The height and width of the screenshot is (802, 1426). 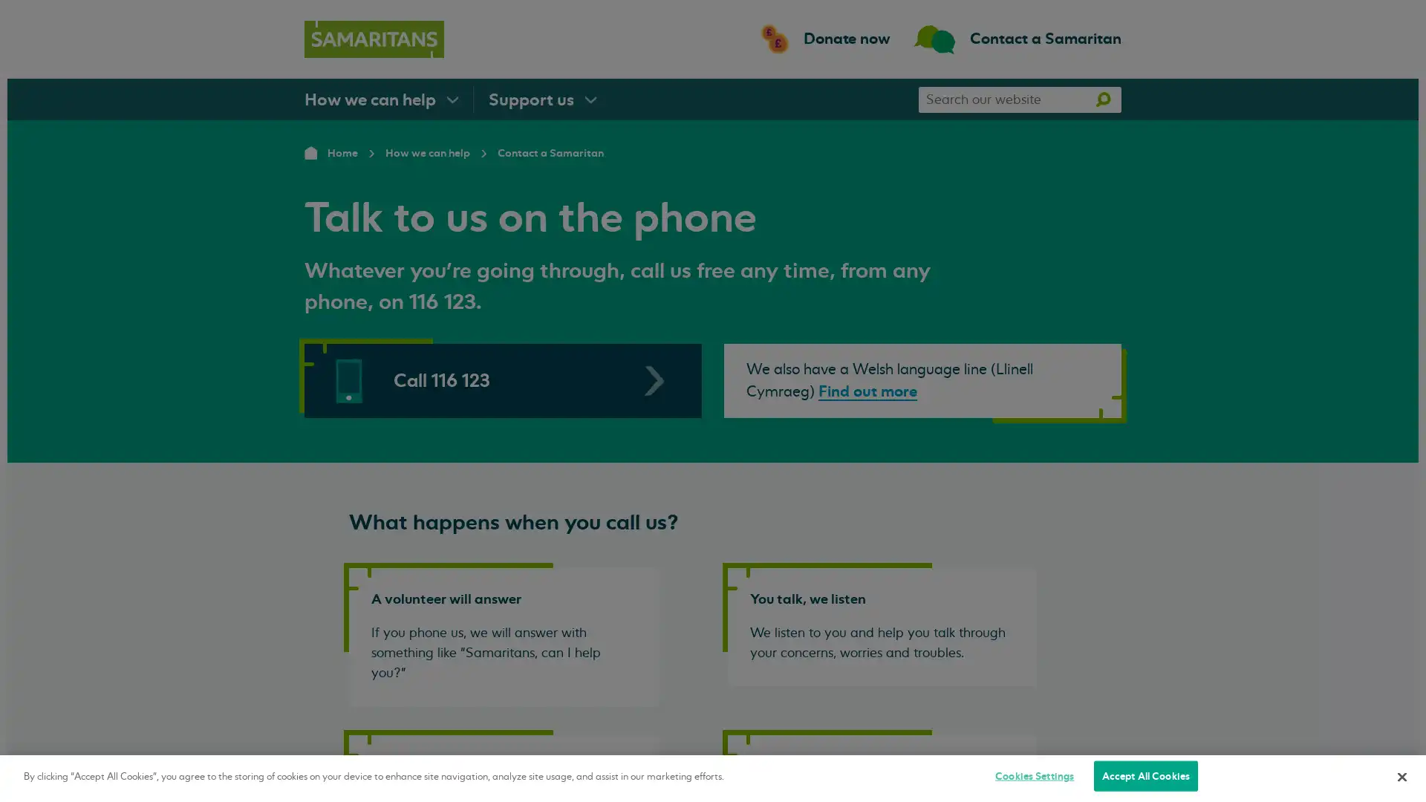 What do you see at coordinates (1102, 99) in the screenshot?
I see `Search` at bounding box center [1102, 99].